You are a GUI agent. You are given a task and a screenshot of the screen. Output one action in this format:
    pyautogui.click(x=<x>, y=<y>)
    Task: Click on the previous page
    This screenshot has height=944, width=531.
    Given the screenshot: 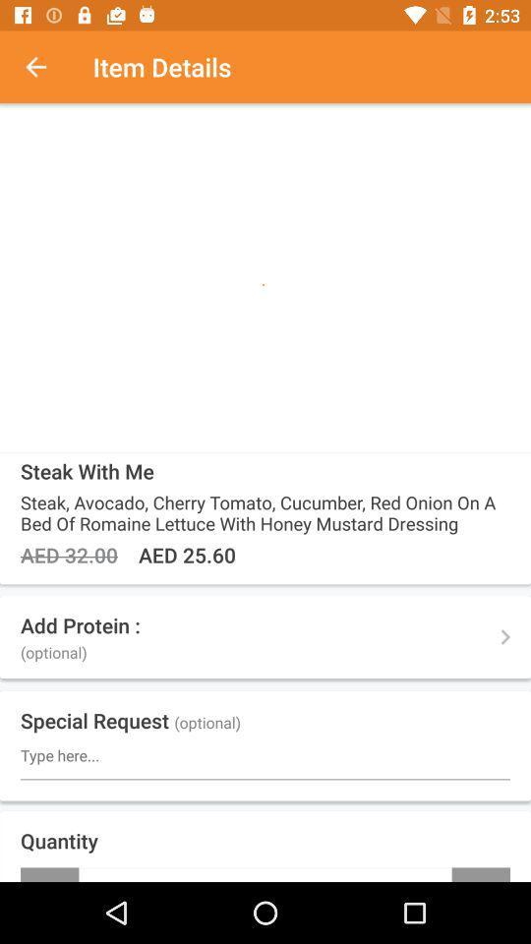 What is the action you would take?
    pyautogui.click(x=46, y=67)
    